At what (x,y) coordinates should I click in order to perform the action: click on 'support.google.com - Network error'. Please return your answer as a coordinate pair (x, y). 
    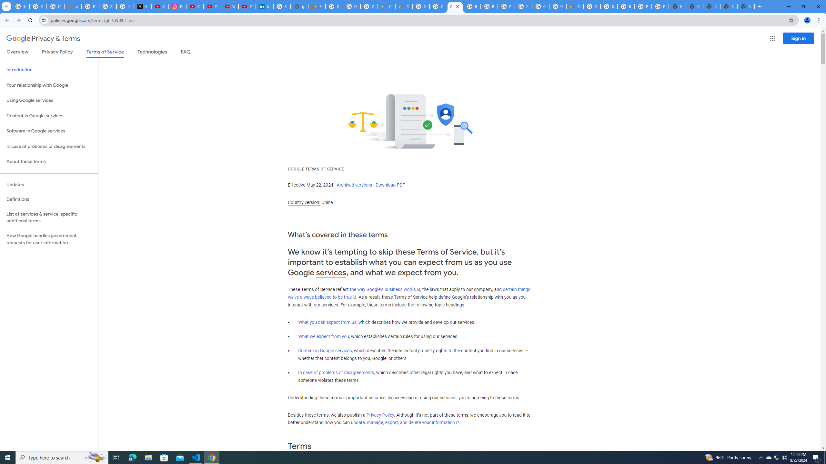
    Looking at the image, I should click on (72, 6).